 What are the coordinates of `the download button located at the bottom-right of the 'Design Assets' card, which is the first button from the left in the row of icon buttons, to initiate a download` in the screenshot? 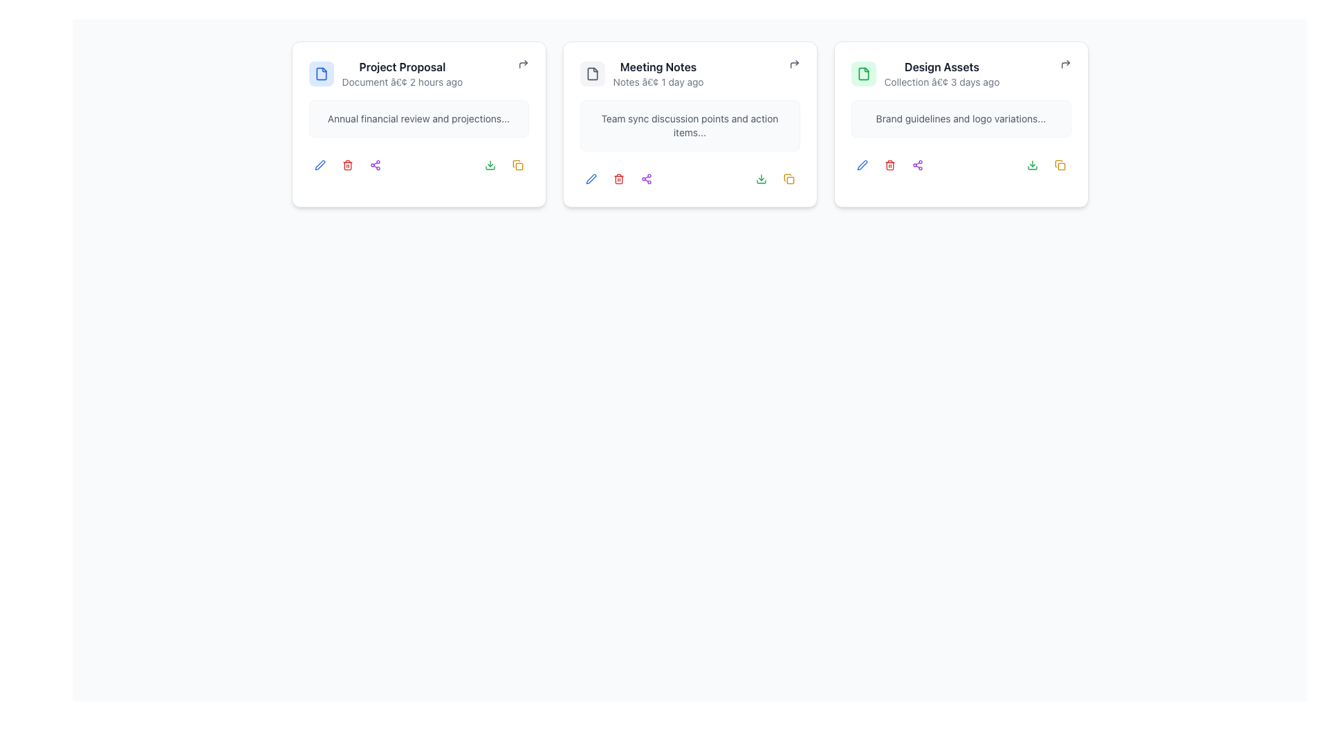 It's located at (1032, 165).